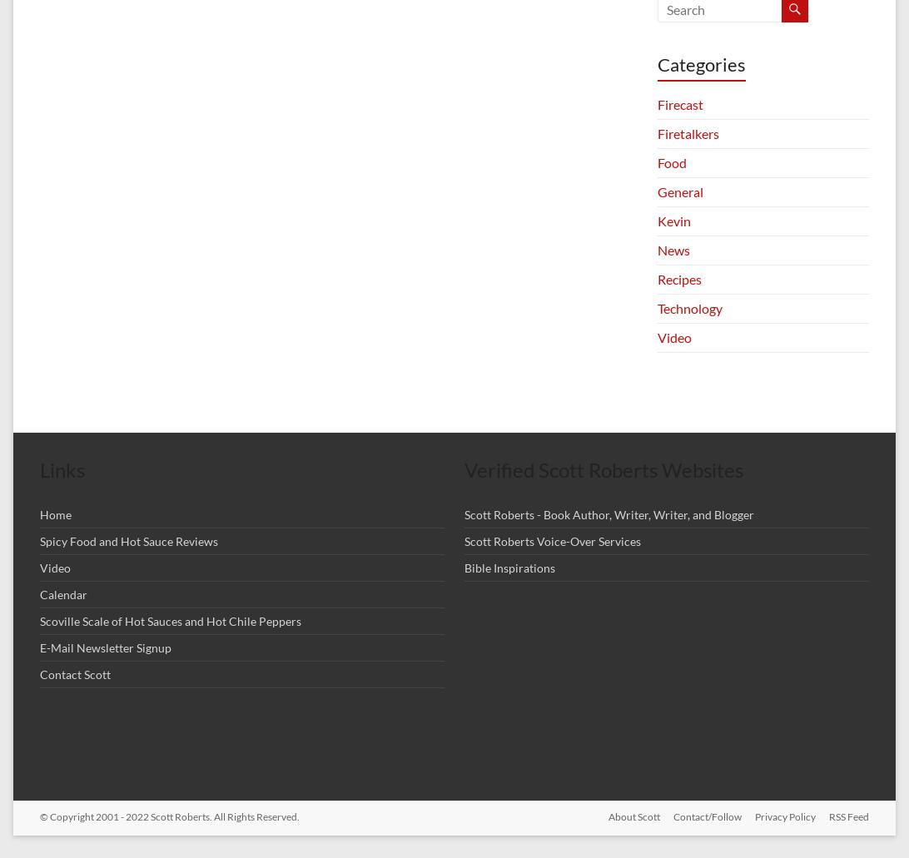  I want to click on 'Bible Inspirations', so click(509, 568).